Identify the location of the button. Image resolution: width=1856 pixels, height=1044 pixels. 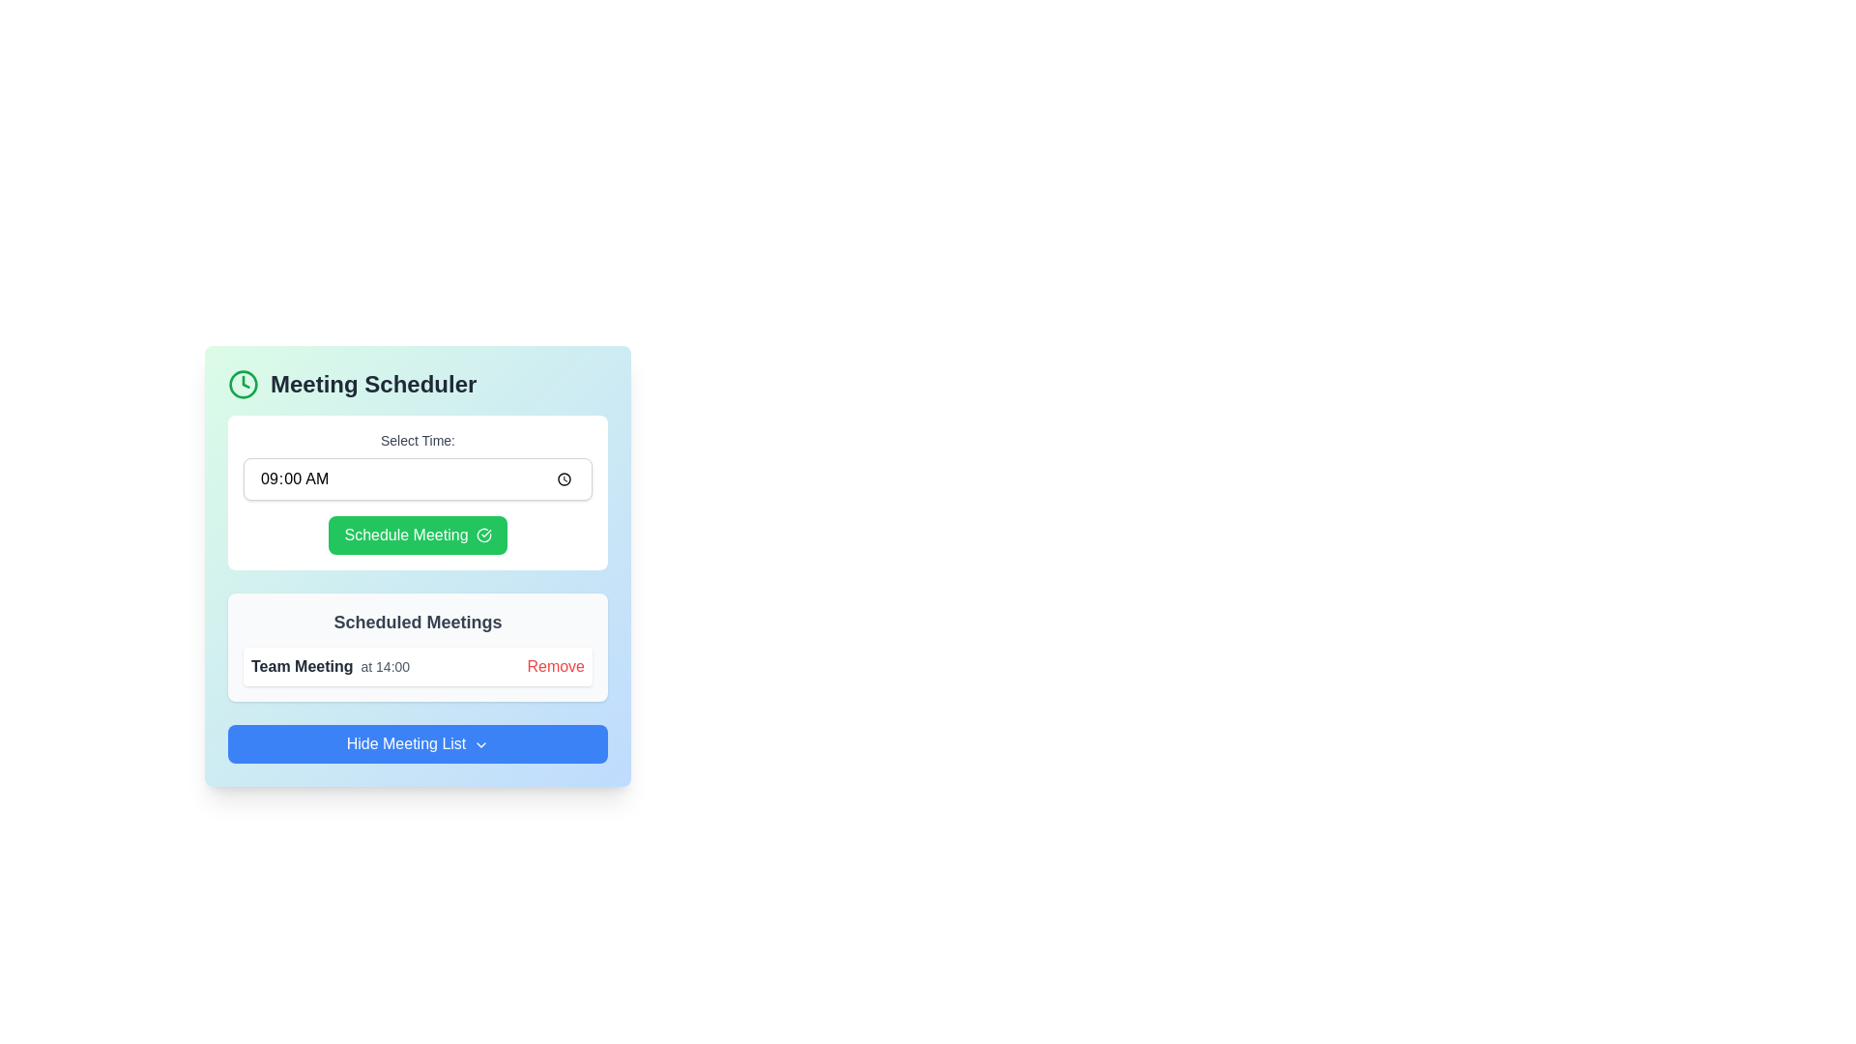
(555, 666).